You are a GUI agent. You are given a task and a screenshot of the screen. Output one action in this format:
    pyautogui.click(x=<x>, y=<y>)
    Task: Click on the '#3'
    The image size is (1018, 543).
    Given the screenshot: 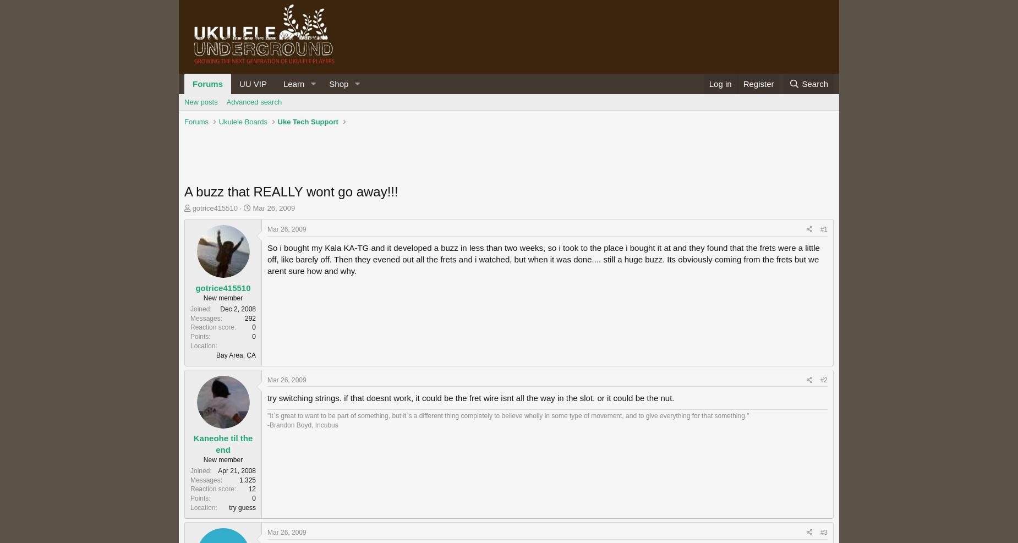 What is the action you would take?
    pyautogui.click(x=819, y=531)
    